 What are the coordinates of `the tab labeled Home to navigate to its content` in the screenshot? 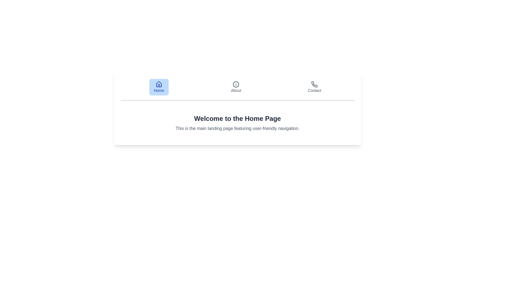 It's located at (159, 87).